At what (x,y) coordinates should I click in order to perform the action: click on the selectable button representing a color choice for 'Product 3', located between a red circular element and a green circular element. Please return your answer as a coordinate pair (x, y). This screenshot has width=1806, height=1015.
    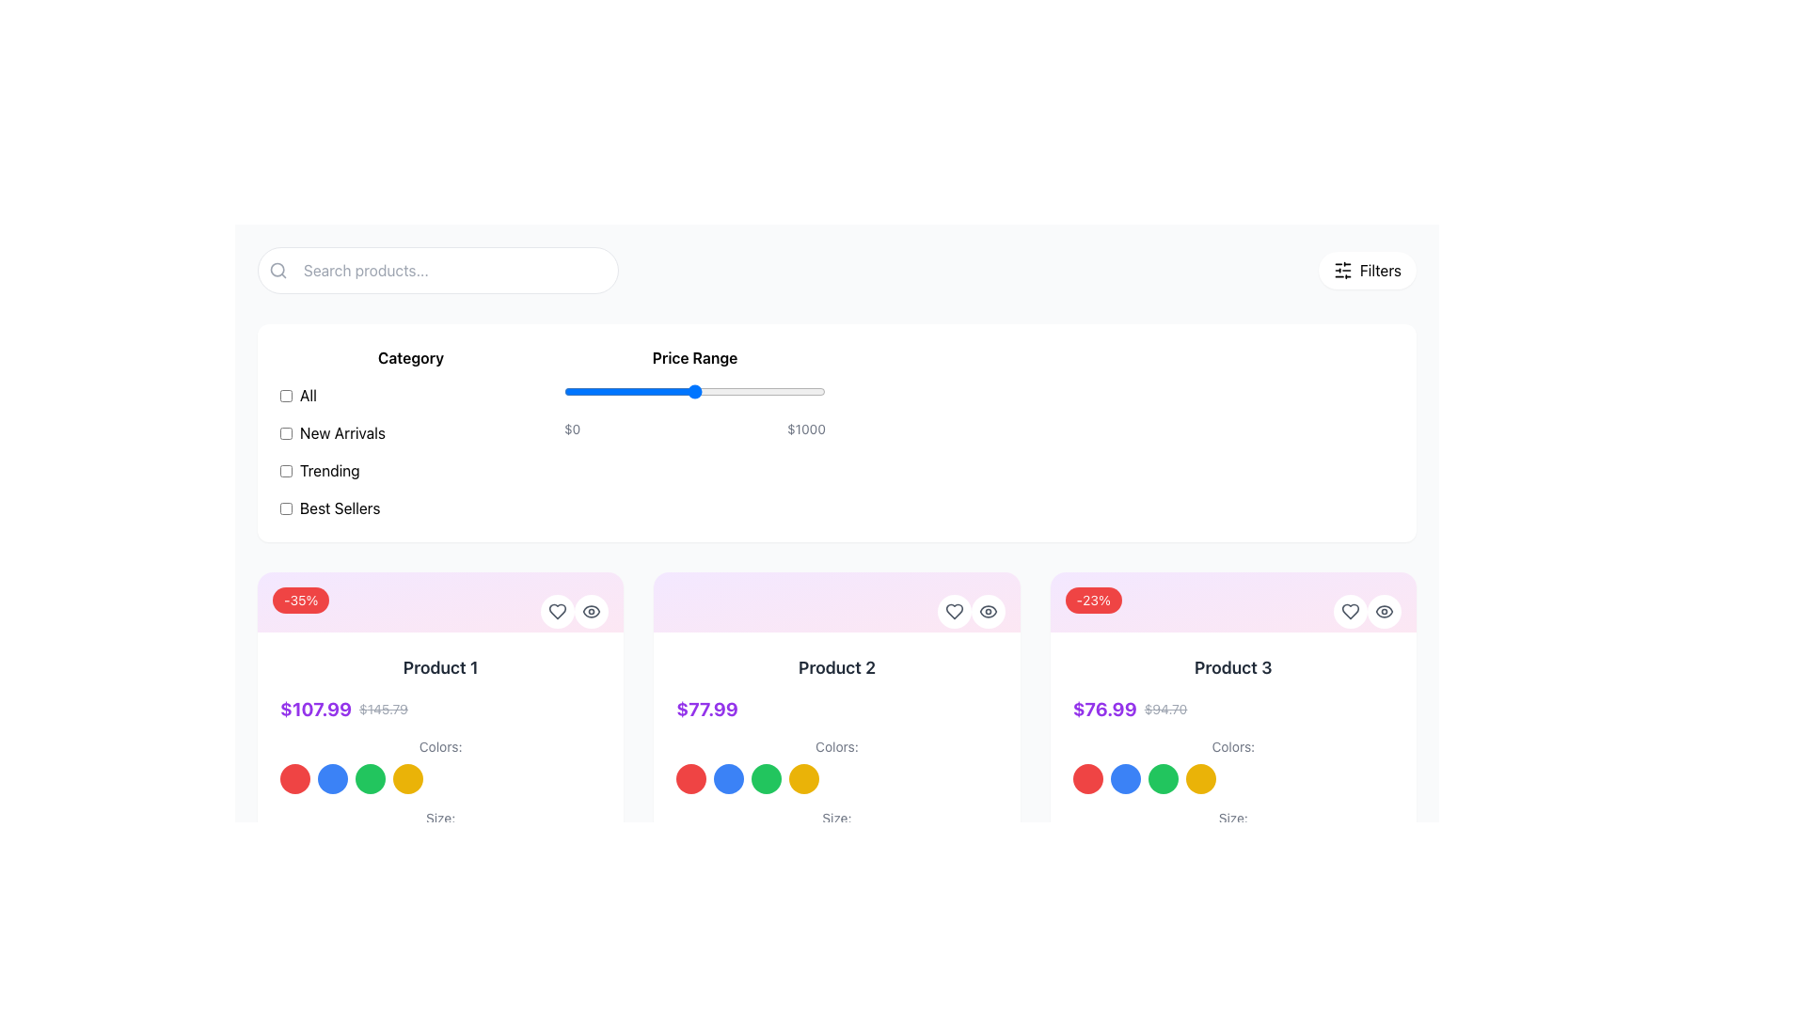
    Looking at the image, I should click on (1125, 779).